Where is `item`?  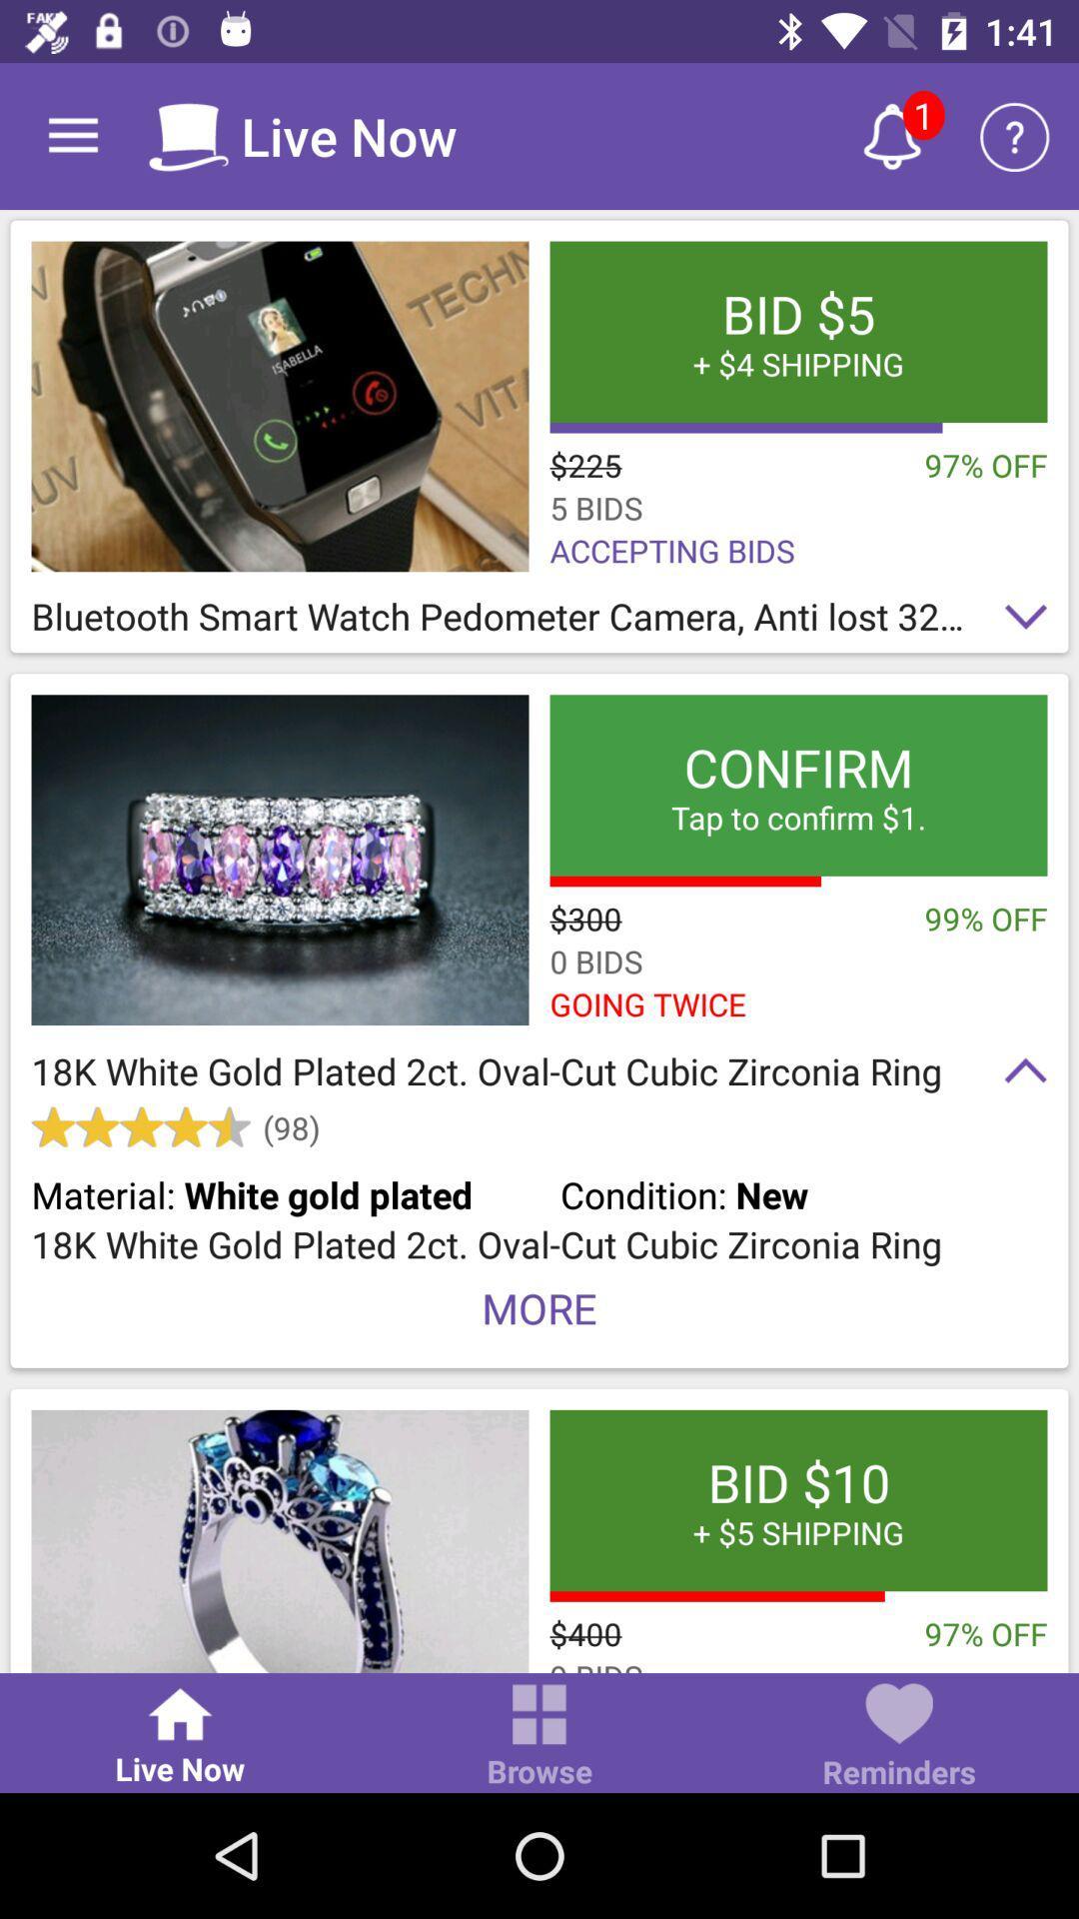
item is located at coordinates (280, 405).